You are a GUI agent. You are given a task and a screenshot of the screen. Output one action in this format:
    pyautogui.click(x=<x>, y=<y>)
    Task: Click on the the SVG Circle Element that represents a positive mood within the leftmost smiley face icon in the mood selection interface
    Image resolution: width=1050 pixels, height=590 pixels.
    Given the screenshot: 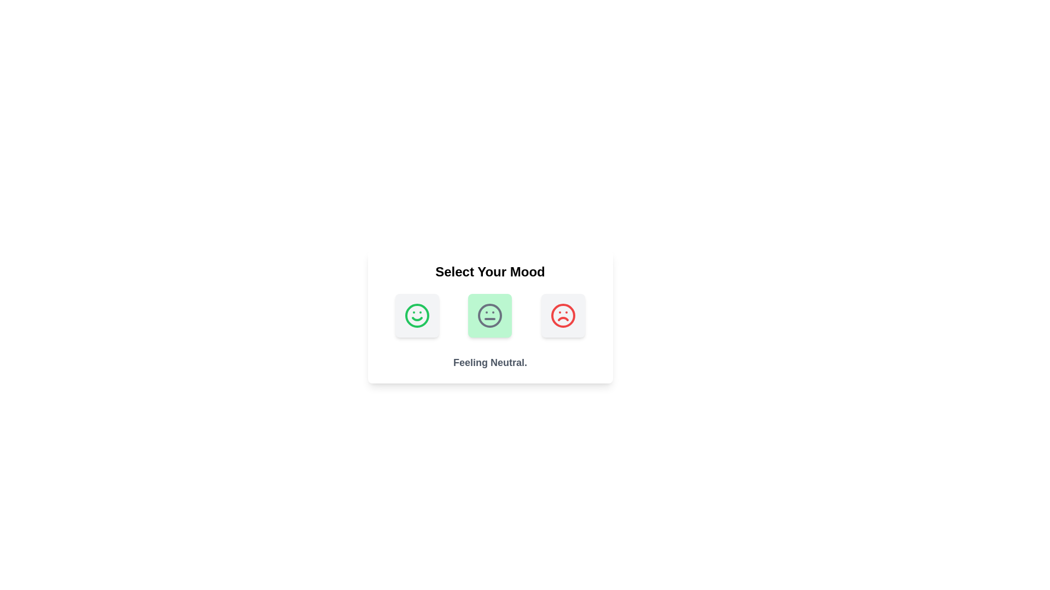 What is the action you would take?
    pyautogui.click(x=417, y=316)
    